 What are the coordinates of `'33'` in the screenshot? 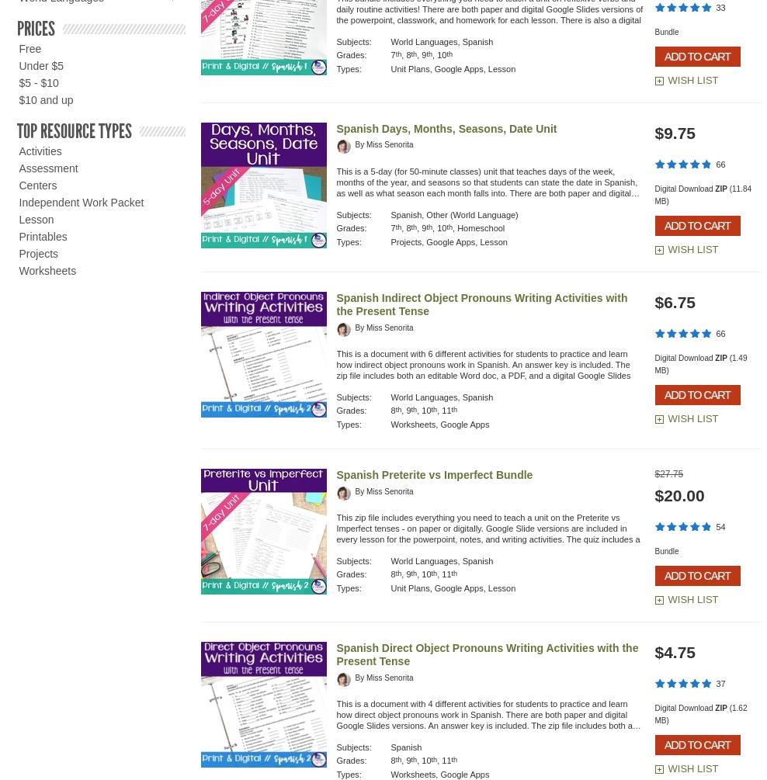 It's located at (720, 8).